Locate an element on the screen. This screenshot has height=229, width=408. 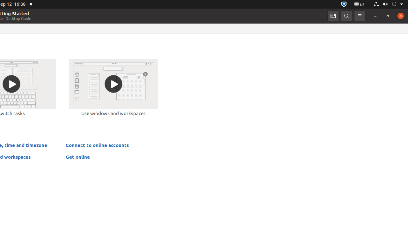
'Close' is located at coordinates (400, 15).